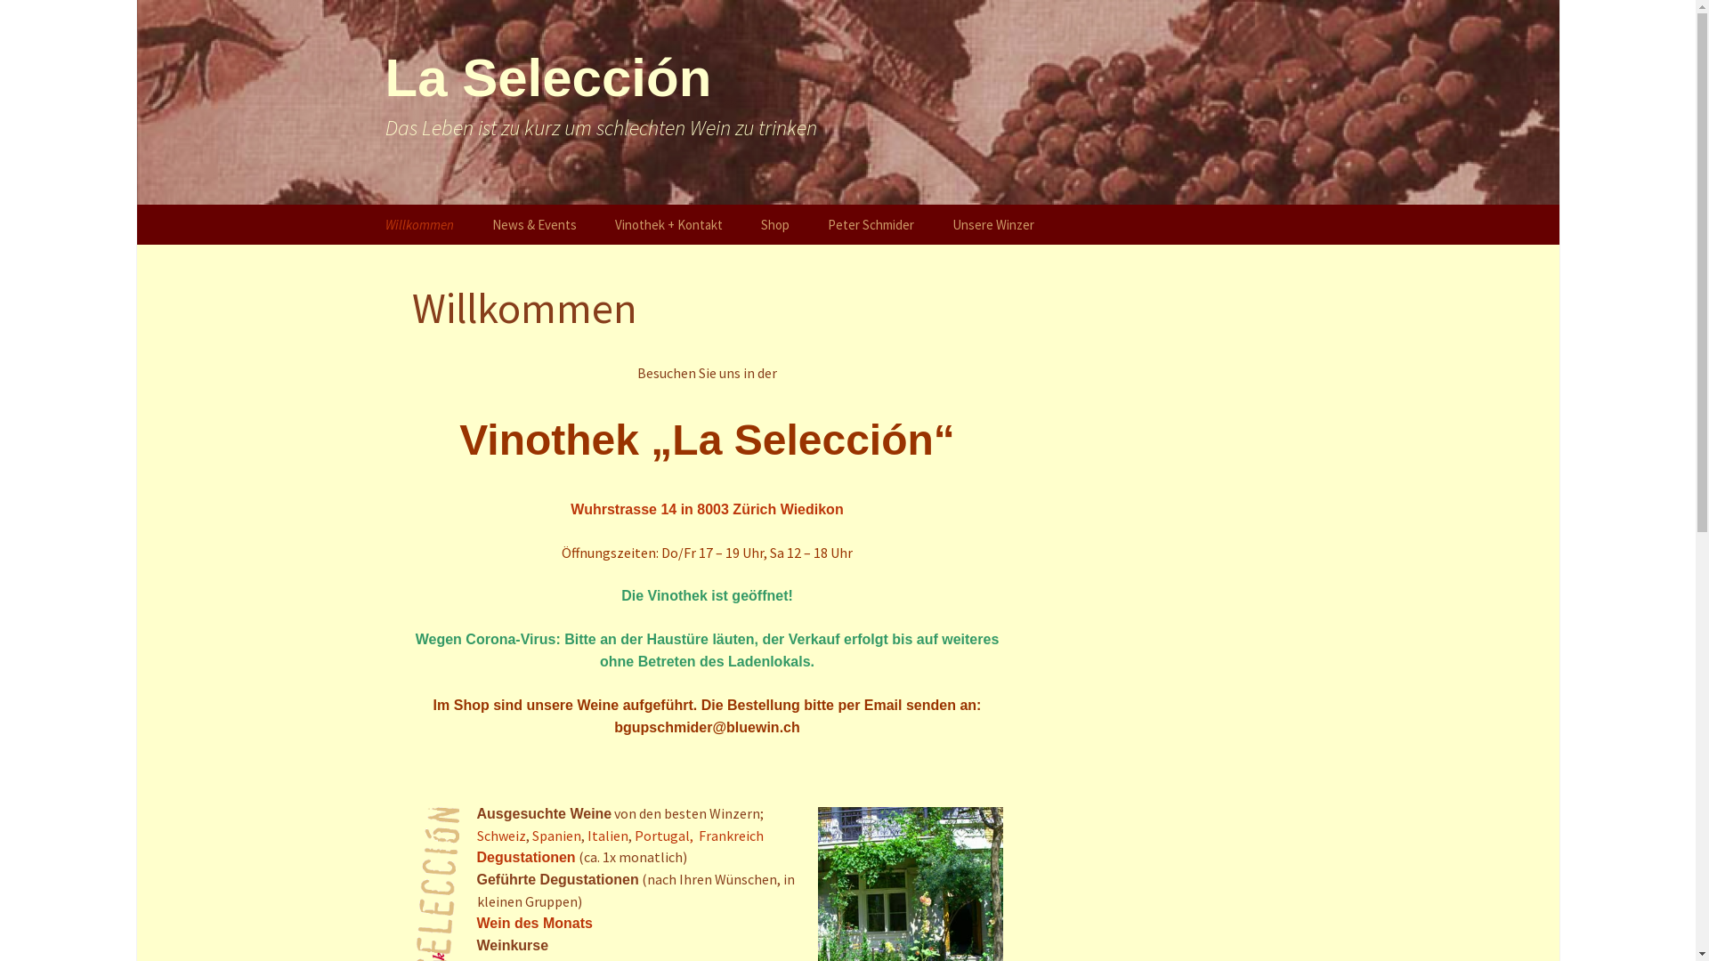 The height and width of the screenshot is (961, 1709). I want to click on 'Portugal, ', so click(633, 835).